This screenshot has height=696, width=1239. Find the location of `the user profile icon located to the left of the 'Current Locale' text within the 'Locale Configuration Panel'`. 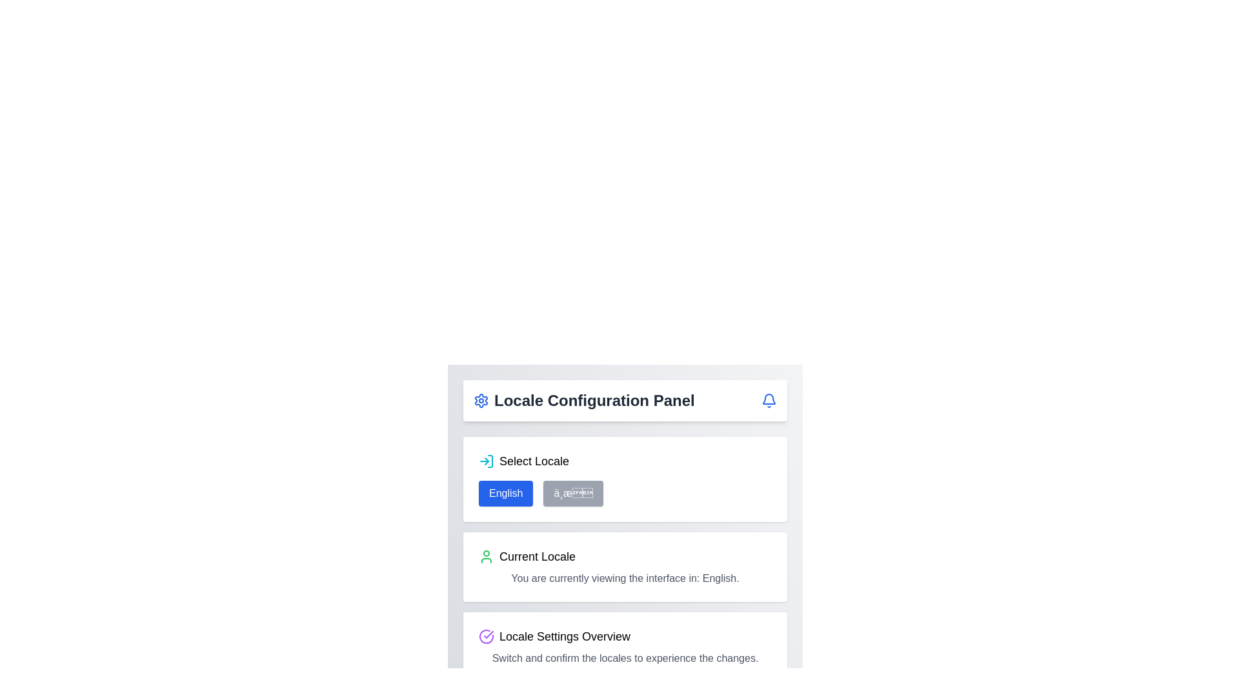

the user profile icon located to the left of the 'Current Locale' text within the 'Locale Configuration Panel' is located at coordinates (485, 556).